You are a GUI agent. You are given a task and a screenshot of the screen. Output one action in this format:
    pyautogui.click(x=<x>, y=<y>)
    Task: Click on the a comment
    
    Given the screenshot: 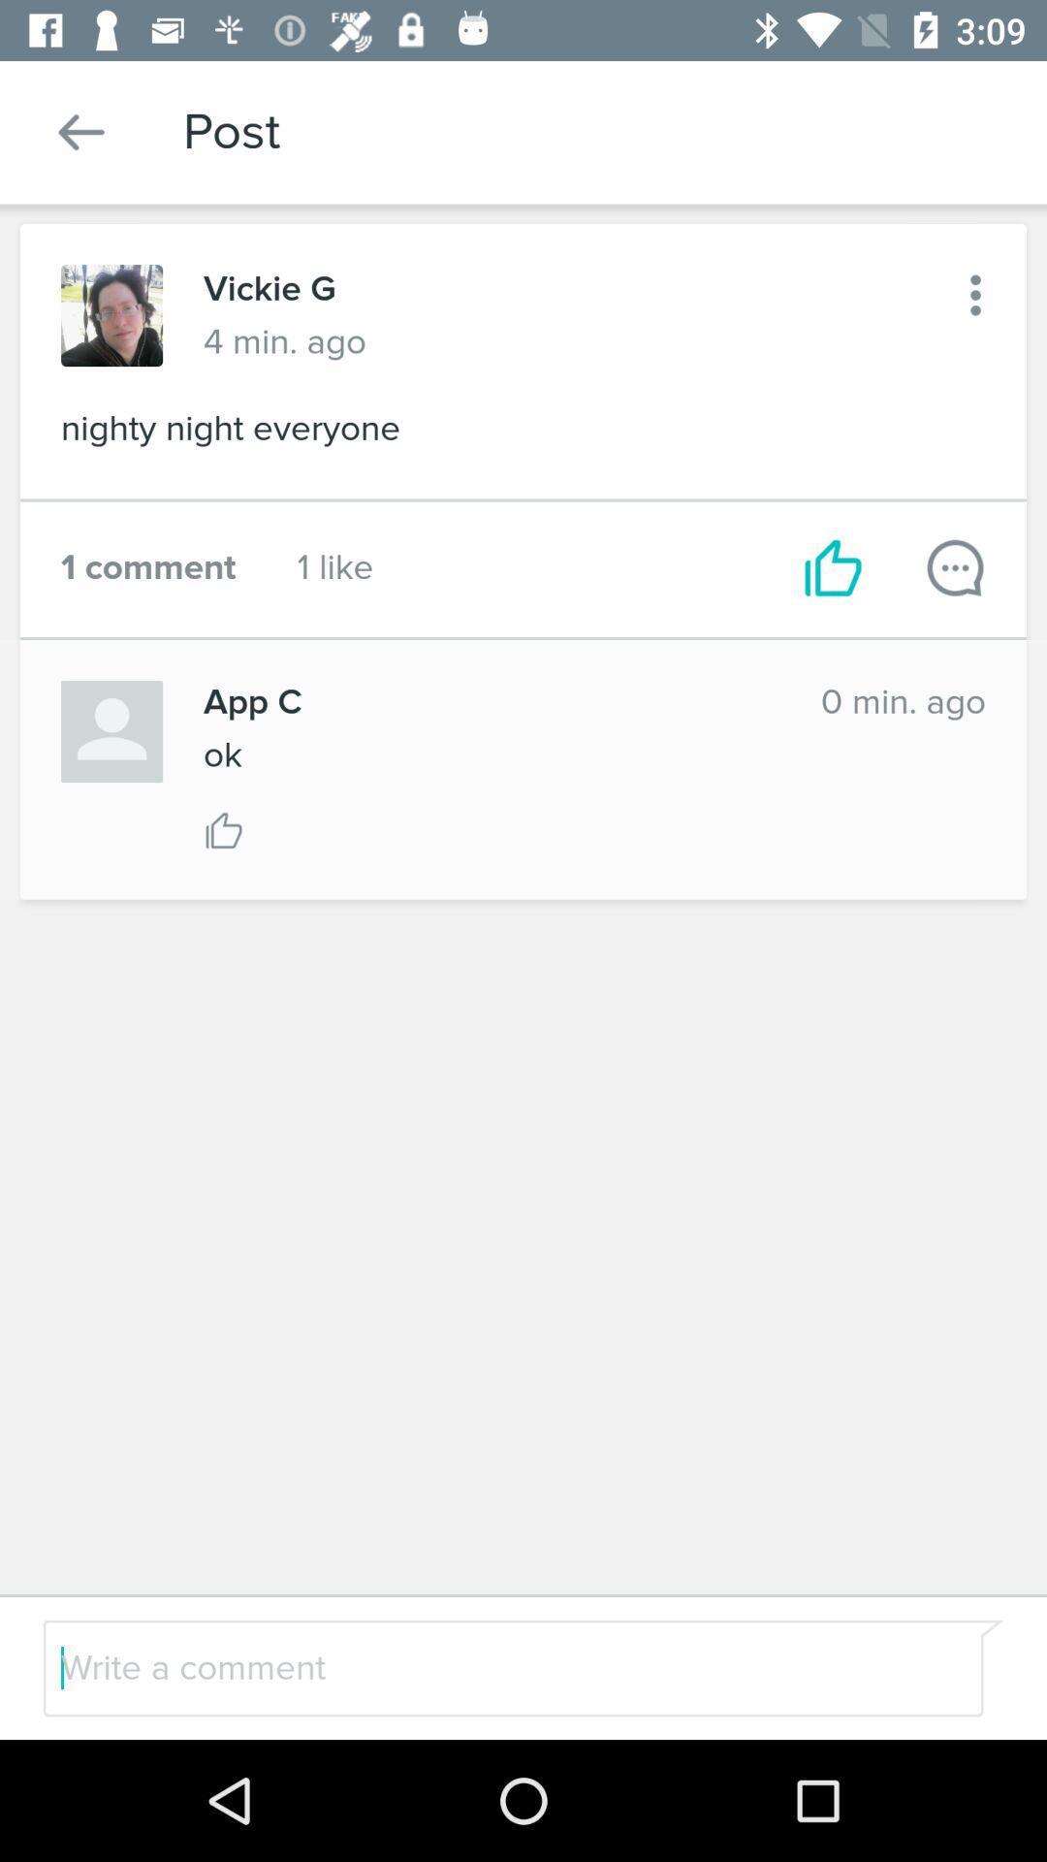 What is the action you would take?
    pyautogui.click(x=472, y=1667)
    